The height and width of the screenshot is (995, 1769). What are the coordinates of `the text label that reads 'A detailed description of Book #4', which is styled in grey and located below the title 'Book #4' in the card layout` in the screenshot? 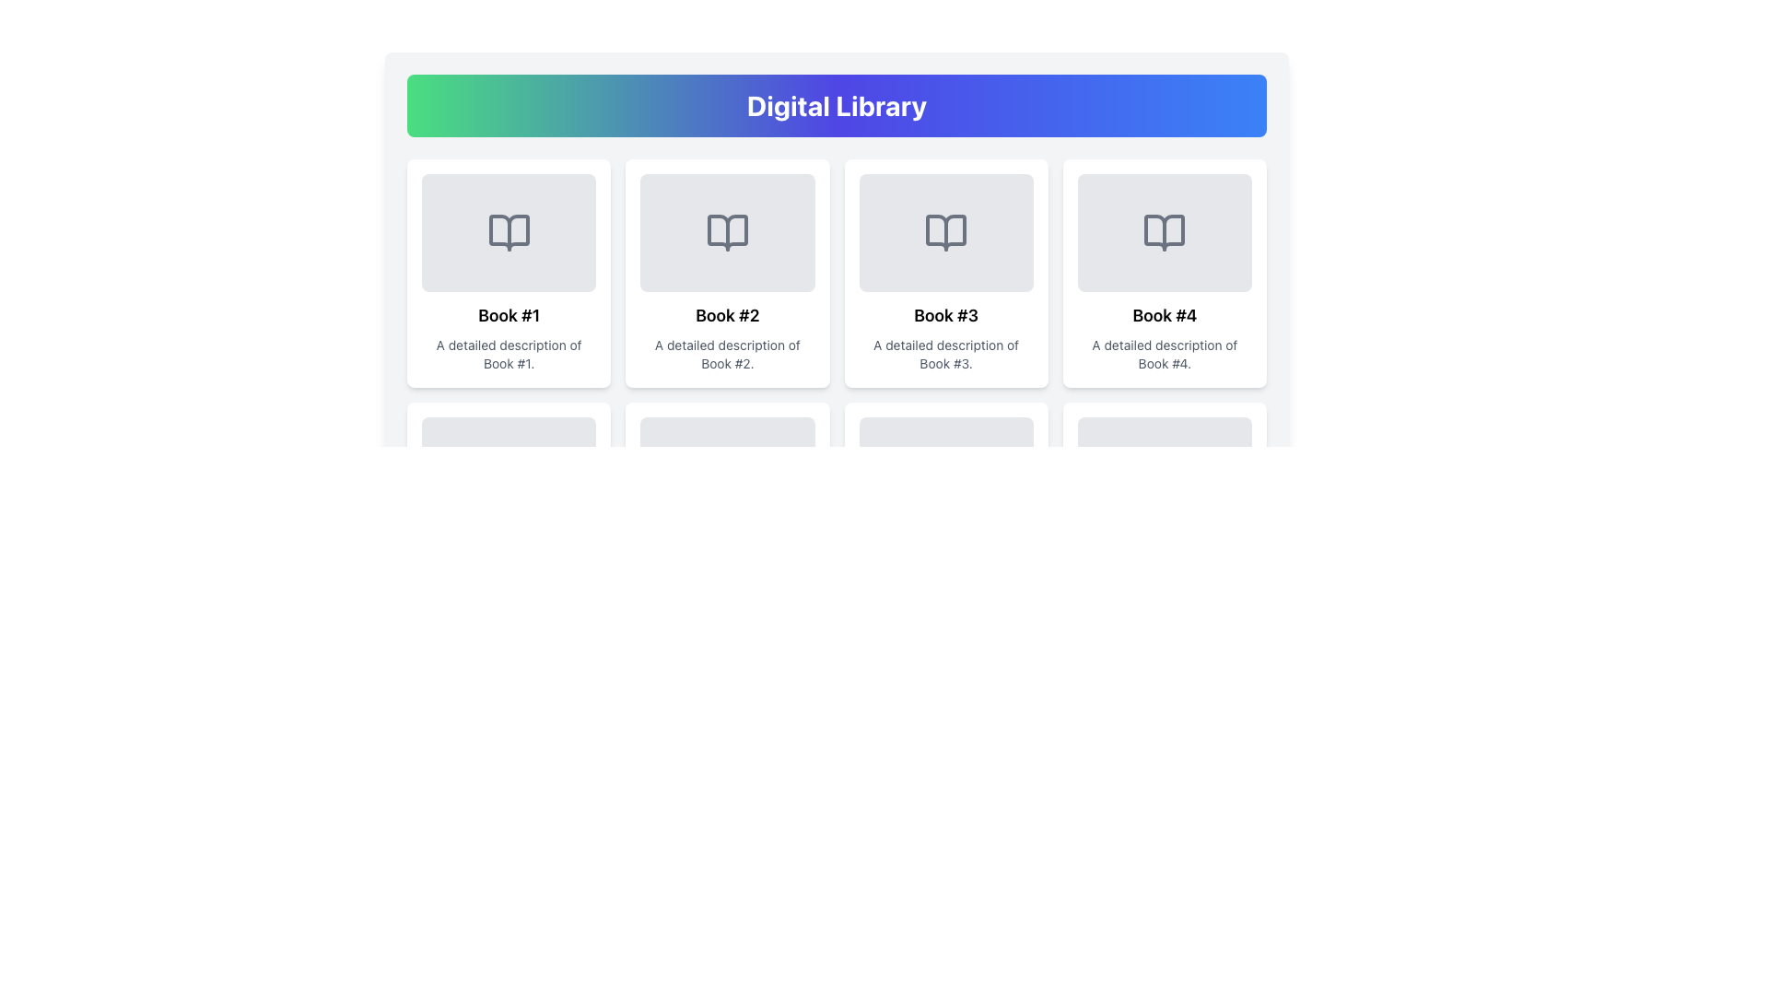 It's located at (1164, 355).